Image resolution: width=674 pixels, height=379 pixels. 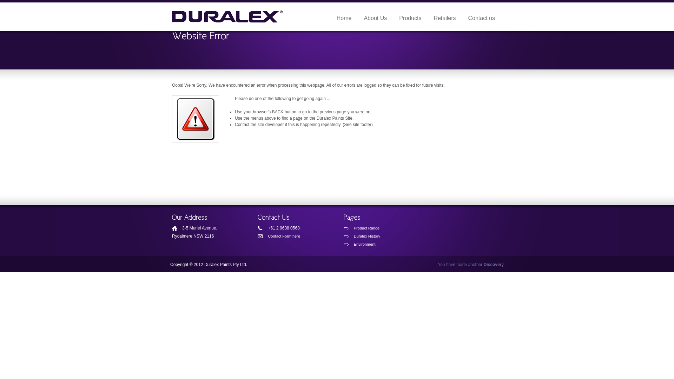 What do you see at coordinates (287, 236) in the screenshot?
I see `'Contact Form here'` at bounding box center [287, 236].